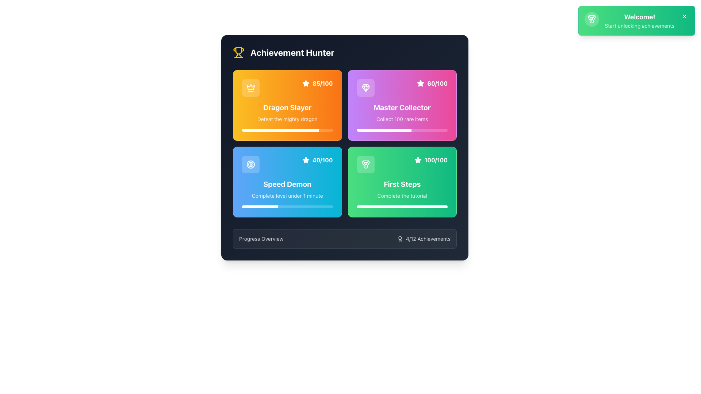 Image resolution: width=701 pixels, height=394 pixels. Describe the element at coordinates (306, 160) in the screenshot. I see `the rating icon located on the left of the numerical text '40/100' in the lower-left card of a 2x2 grid structure` at that location.